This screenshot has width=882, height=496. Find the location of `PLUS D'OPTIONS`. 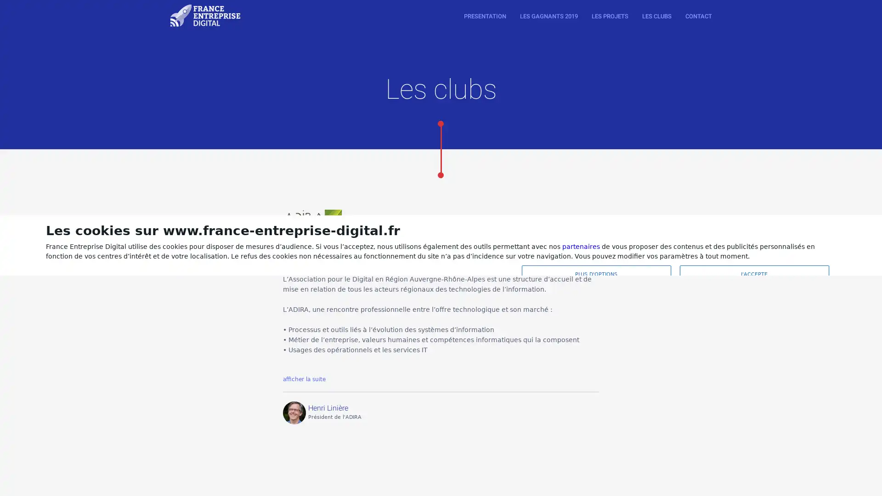

PLUS D'OPTIONS is located at coordinates (595, 272).